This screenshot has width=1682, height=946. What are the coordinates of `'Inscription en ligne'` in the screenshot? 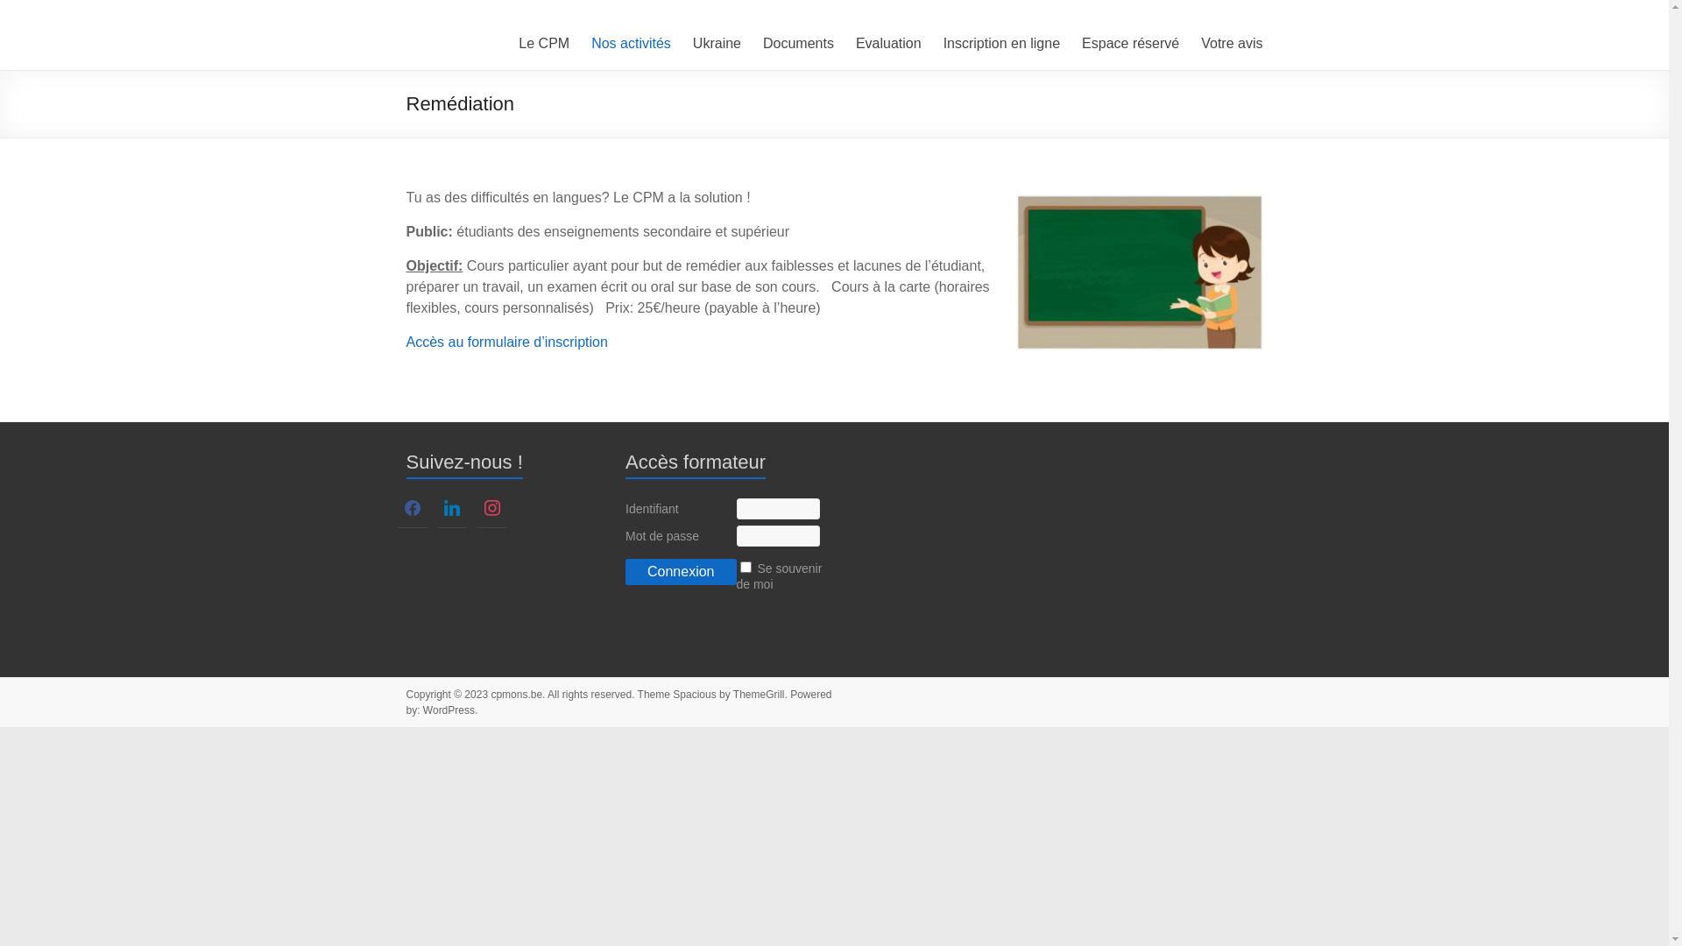 It's located at (1001, 43).